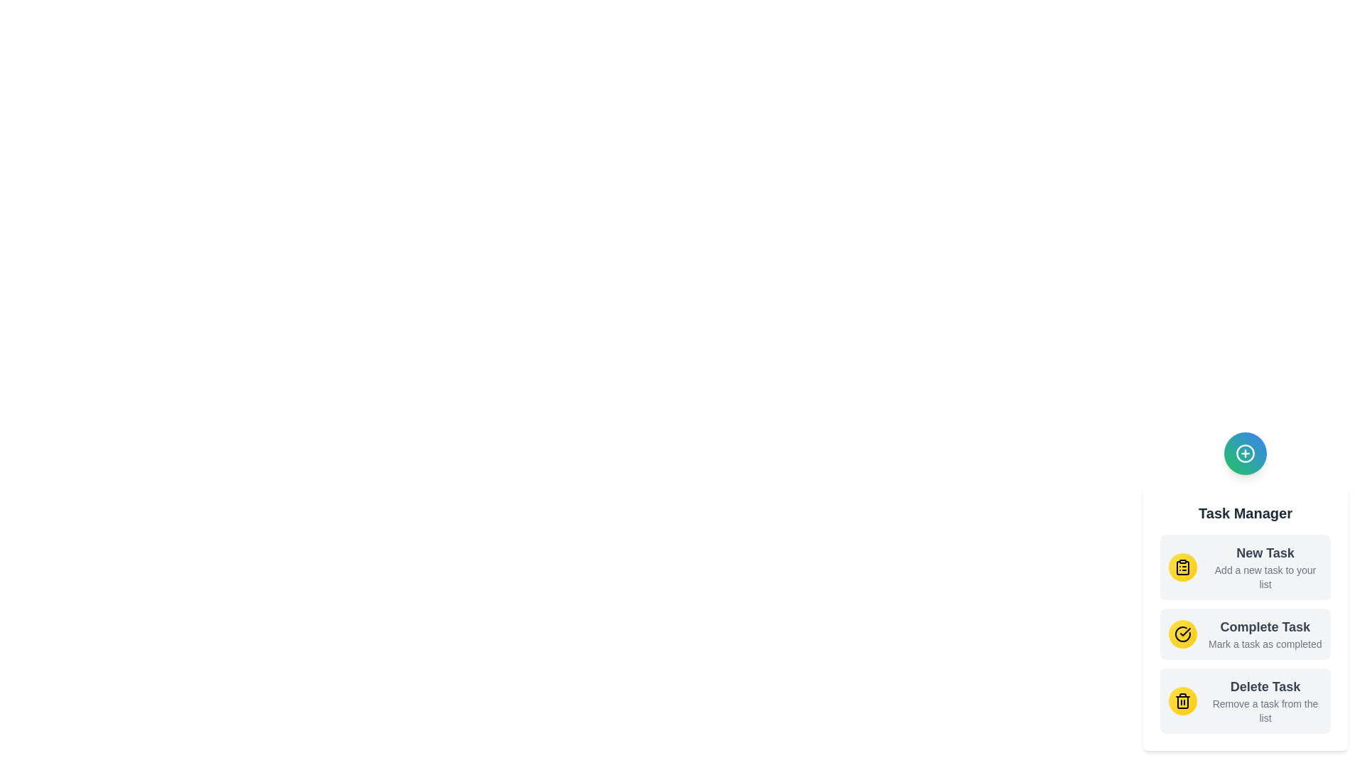 Image resolution: width=1365 pixels, height=768 pixels. What do you see at coordinates (1245, 700) in the screenshot?
I see `the 'Delete Task' option to activate its functionality` at bounding box center [1245, 700].